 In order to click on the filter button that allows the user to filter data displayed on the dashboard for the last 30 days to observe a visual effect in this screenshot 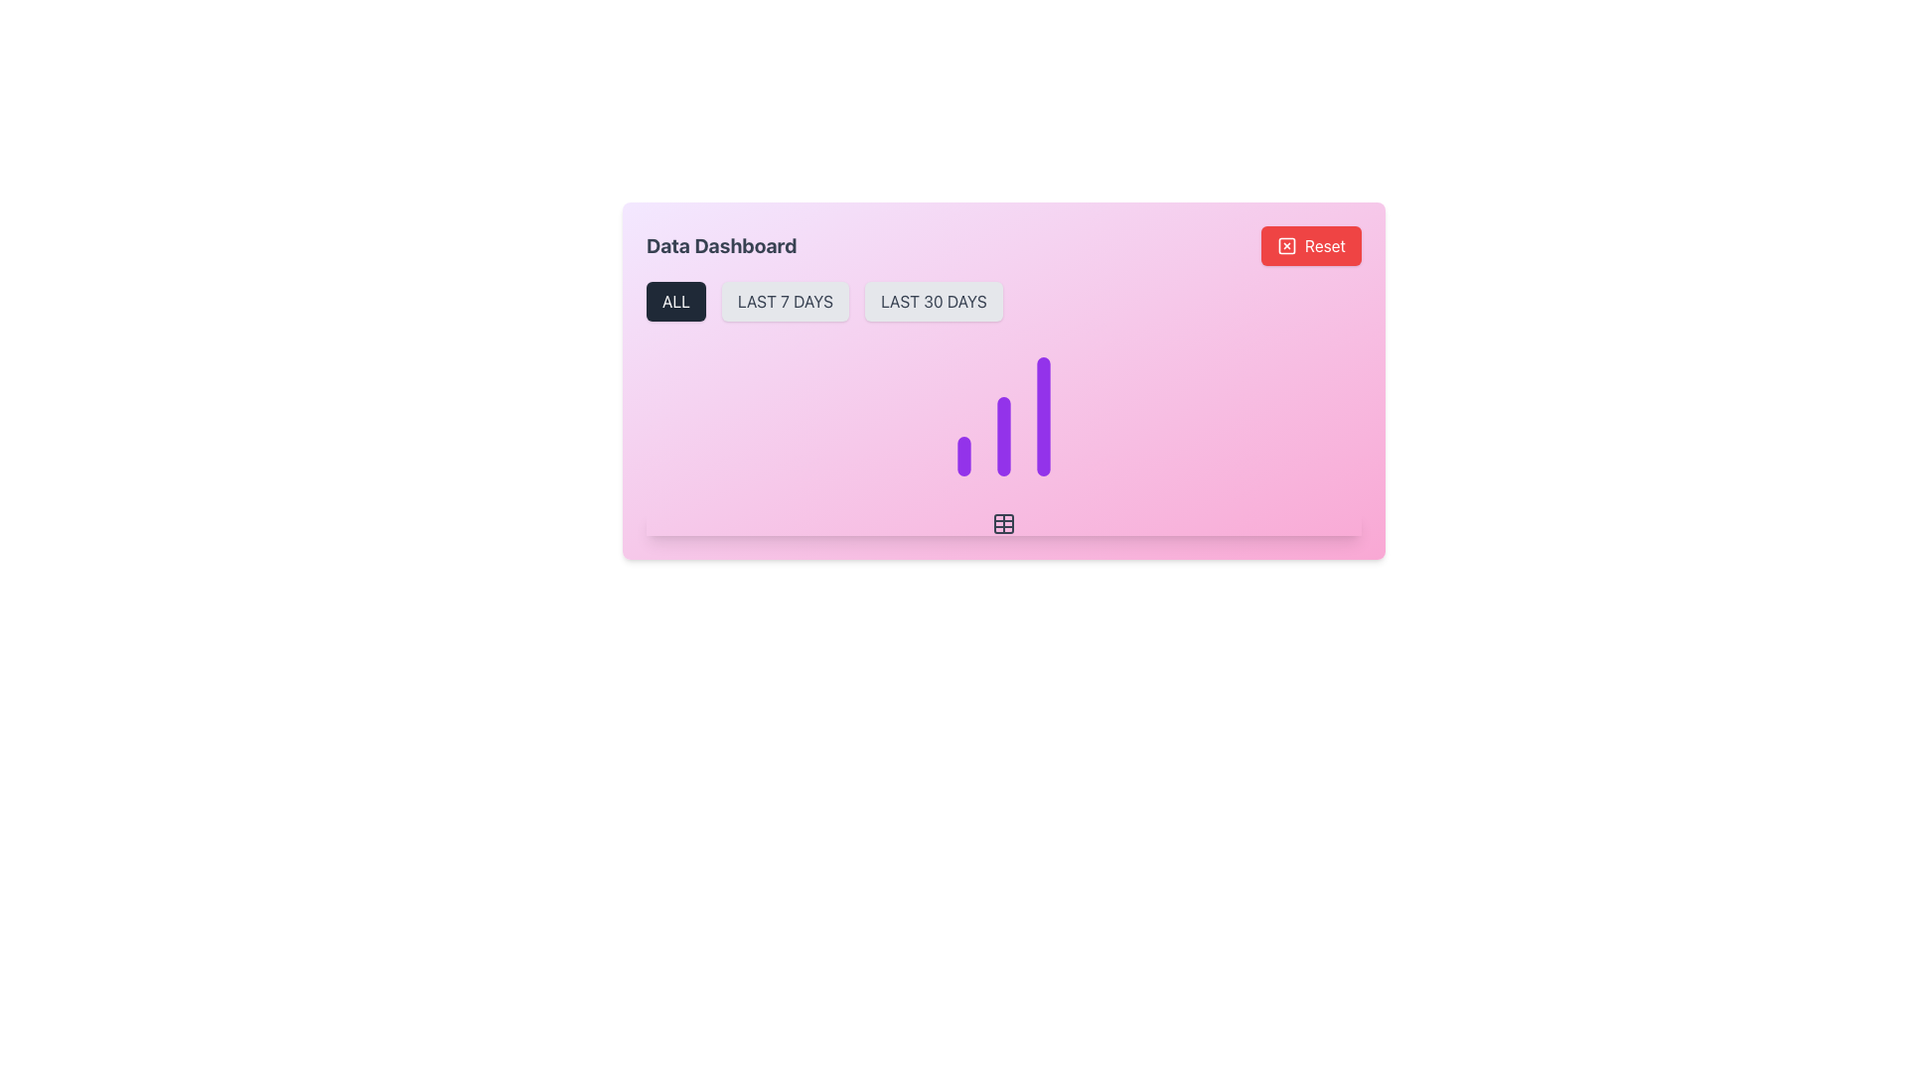, I will do `click(933, 302)`.